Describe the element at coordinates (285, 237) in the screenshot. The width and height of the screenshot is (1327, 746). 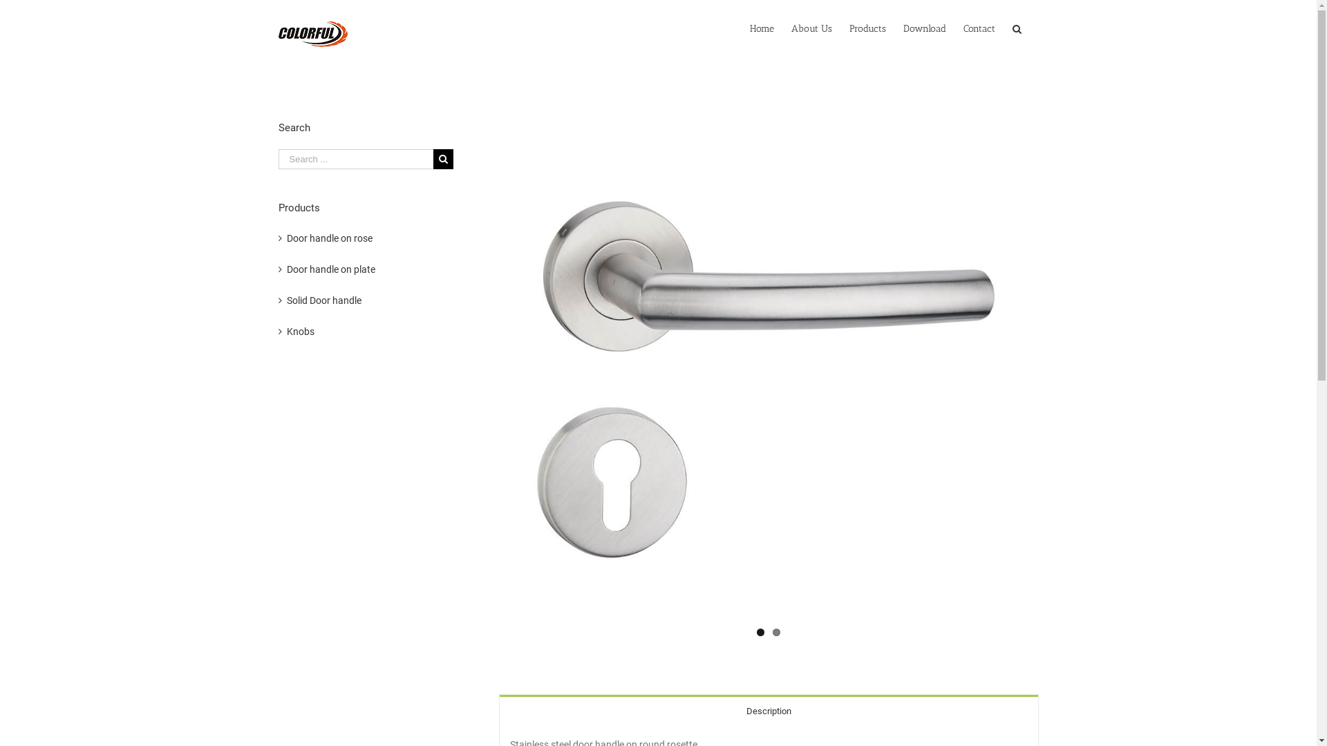
I see `'Door handle on rose'` at that location.